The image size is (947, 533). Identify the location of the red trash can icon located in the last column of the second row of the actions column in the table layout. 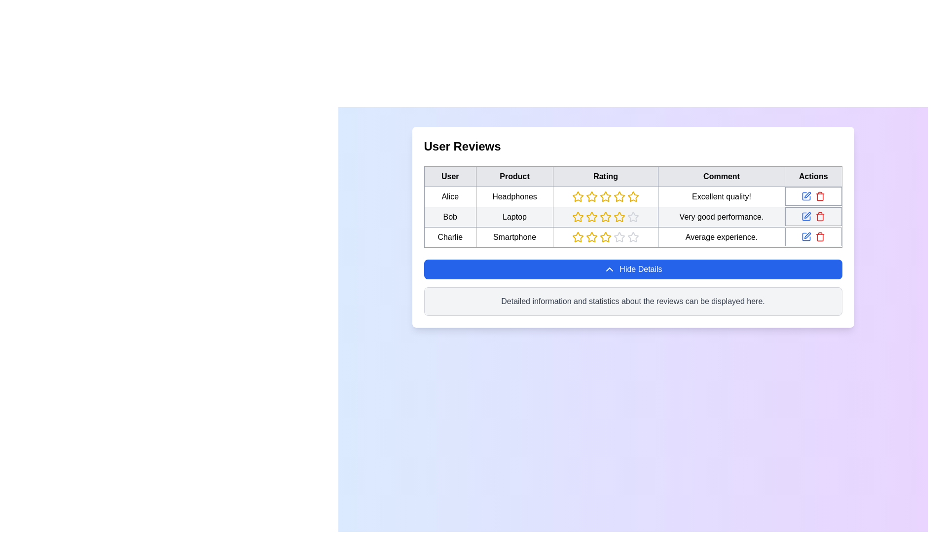
(820, 216).